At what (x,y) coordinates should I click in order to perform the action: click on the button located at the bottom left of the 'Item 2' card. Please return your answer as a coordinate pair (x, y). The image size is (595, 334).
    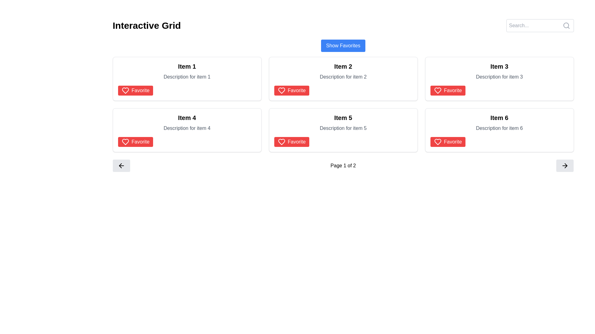
    Looking at the image, I should click on (291, 91).